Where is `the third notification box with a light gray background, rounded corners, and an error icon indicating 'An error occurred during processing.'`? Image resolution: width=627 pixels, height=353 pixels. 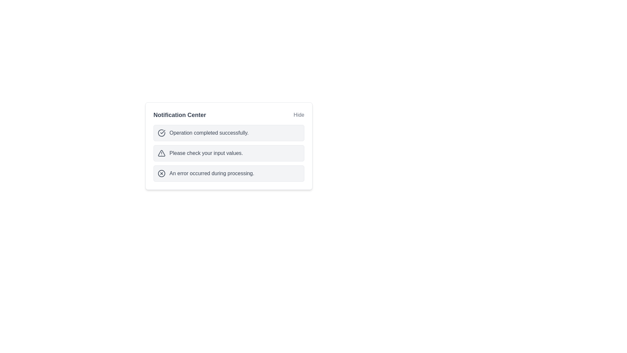
the third notification box with a light gray background, rounded corners, and an error icon indicating 'An error occurred during processing.' is located at coordinates (229, 173).